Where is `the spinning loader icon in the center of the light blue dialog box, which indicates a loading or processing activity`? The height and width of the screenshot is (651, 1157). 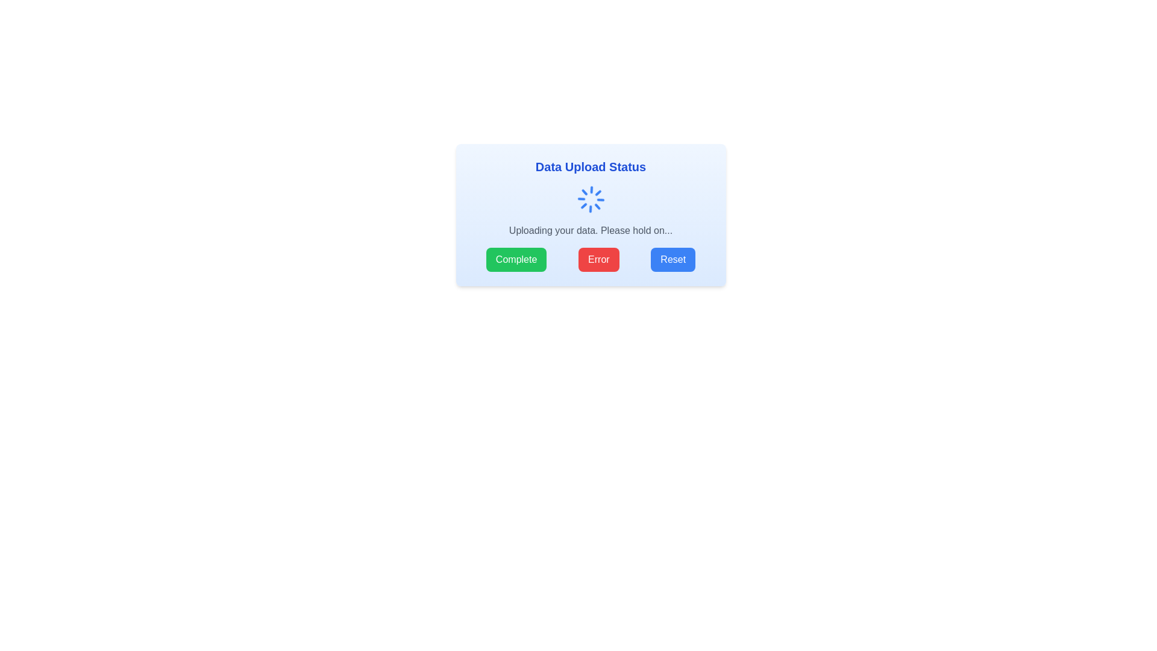 the spinning loader icon in the center of the light blue dialog box, which indicates a loading or processing activity is located at coordinates (591, 199).